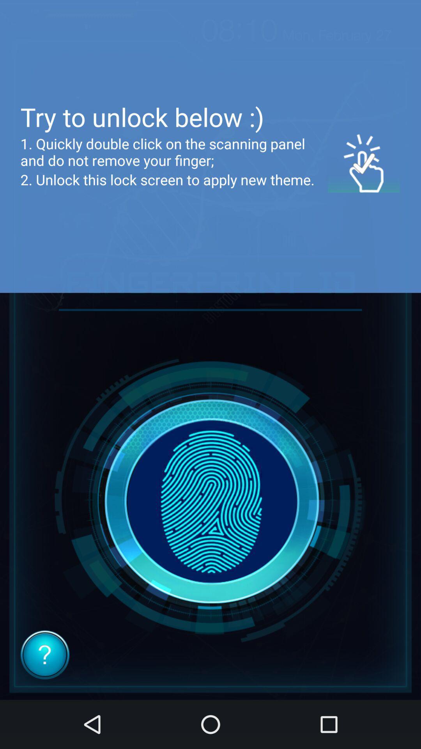 Image resolution: width=421 pixels, height=749 pixels. Describe the element at coordinates (45, 655) in the screenshot. I see `the help icon` at that location.